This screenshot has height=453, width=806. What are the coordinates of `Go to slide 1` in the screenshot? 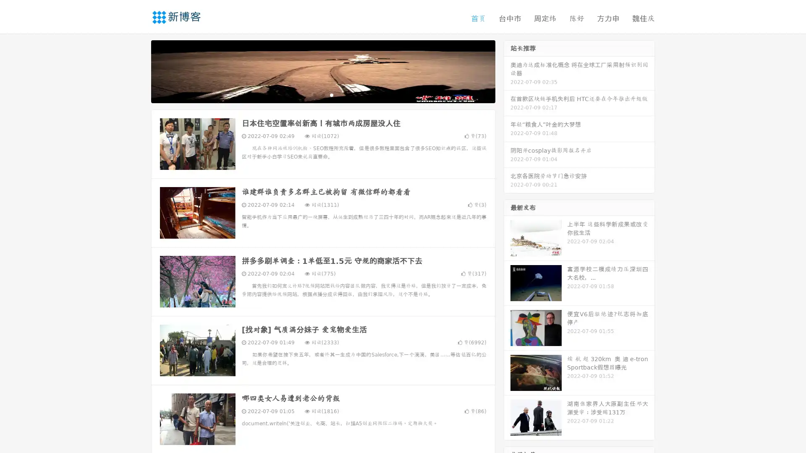 It's located at (314, 94).